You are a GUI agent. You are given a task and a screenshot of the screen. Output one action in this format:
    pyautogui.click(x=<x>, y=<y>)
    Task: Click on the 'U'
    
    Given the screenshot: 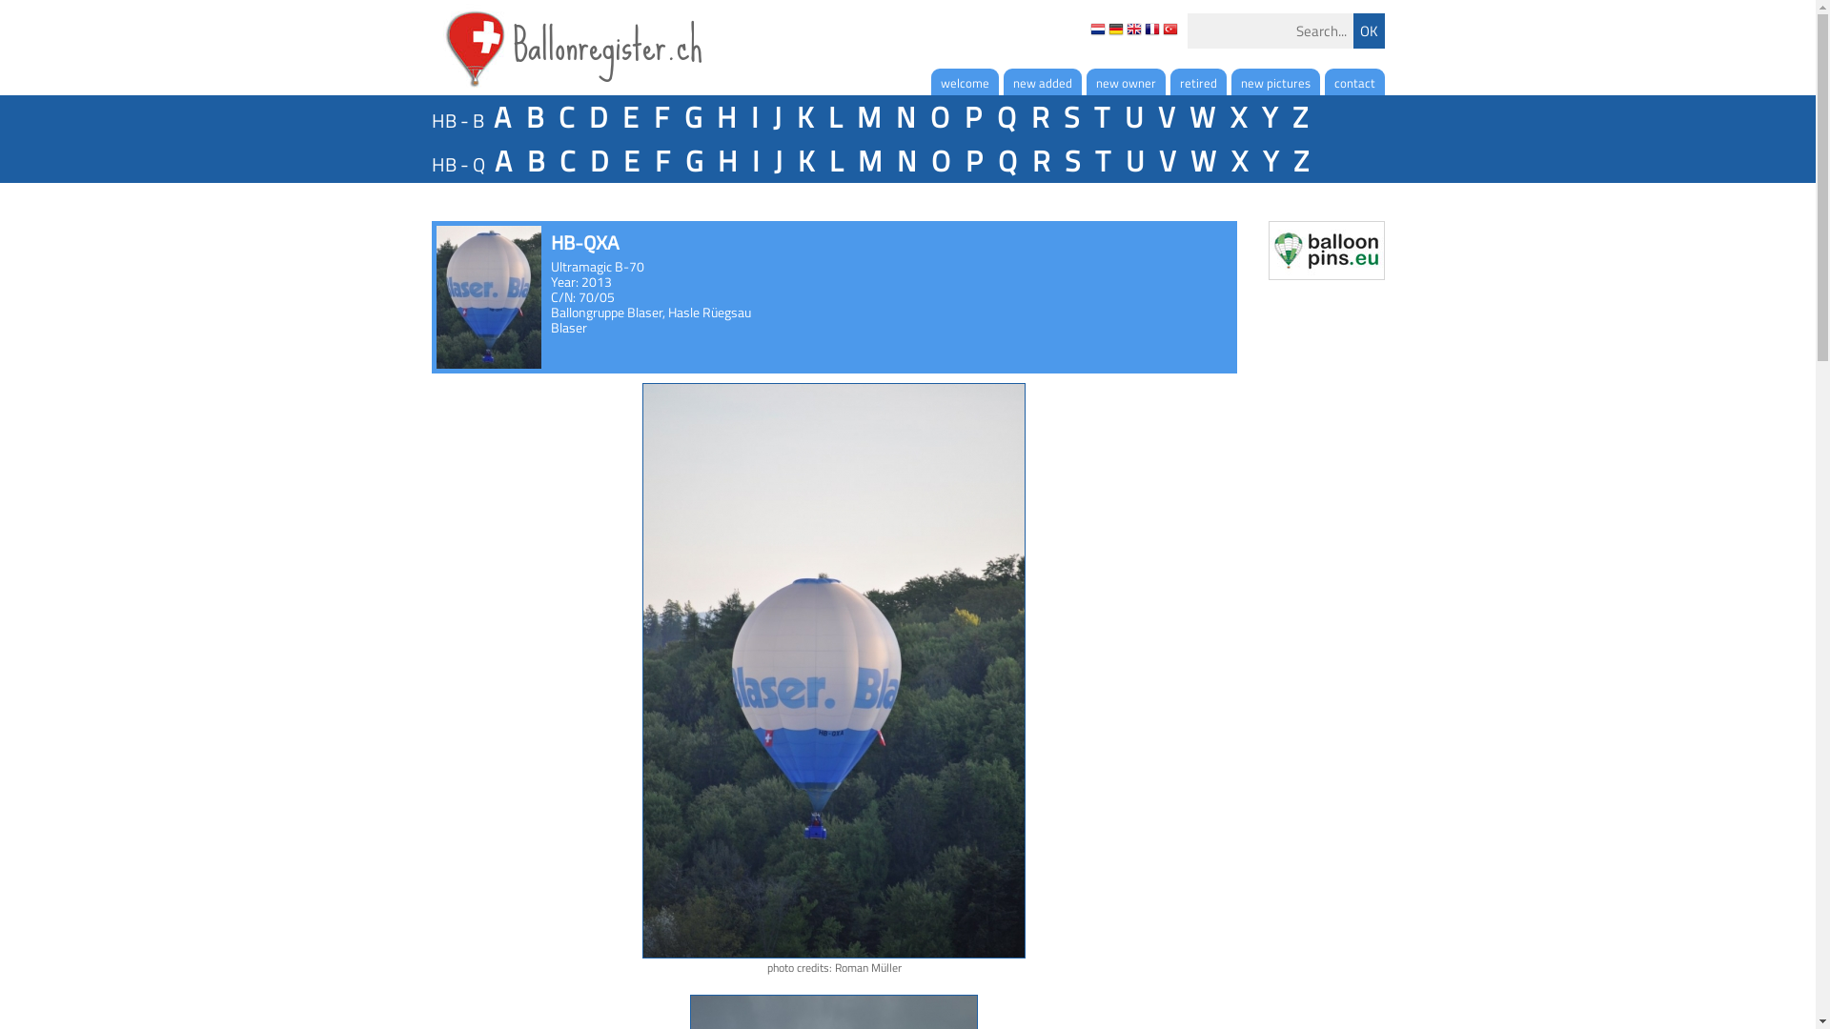 What is the action you would take?
    pyautogui.click(x=1119, y=160)
    